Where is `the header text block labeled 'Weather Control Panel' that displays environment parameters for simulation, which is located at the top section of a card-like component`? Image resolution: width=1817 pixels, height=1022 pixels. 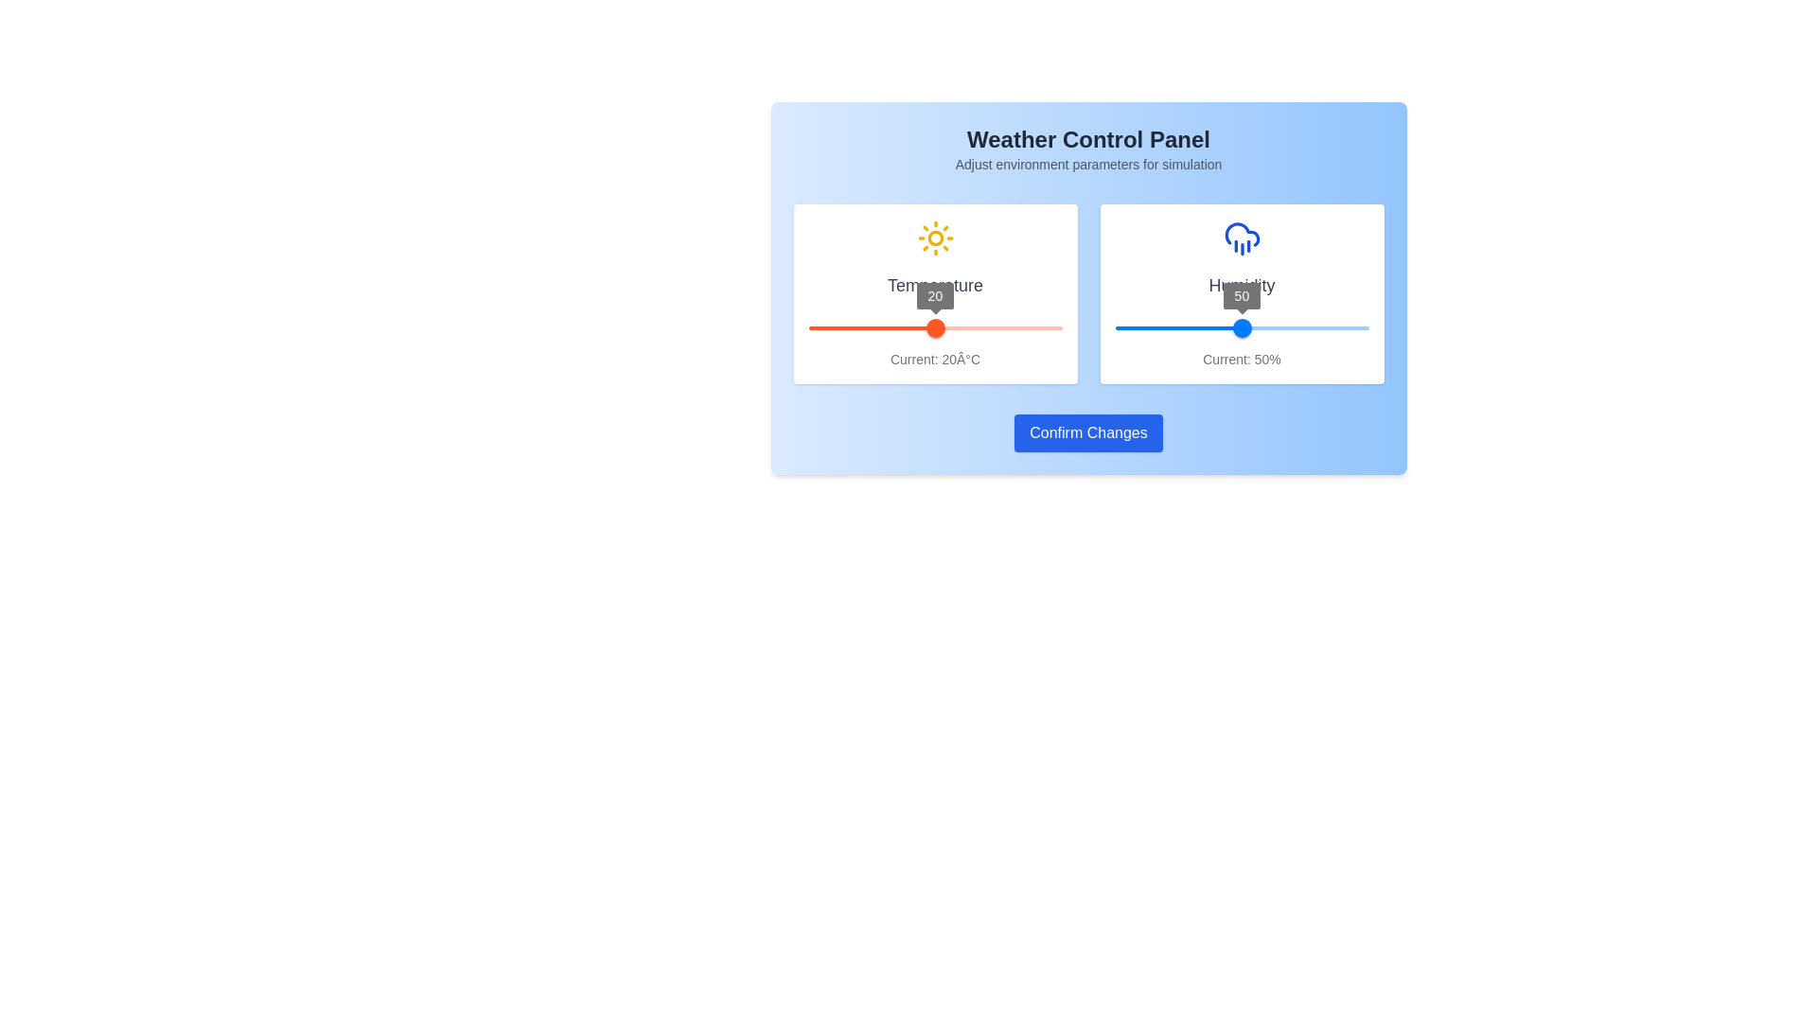 the header text block labeled 'Weather Control Panel' that displays environment parameters for simulation, which is located at the top section of a card-like component is located at coordinates (1088, 149).